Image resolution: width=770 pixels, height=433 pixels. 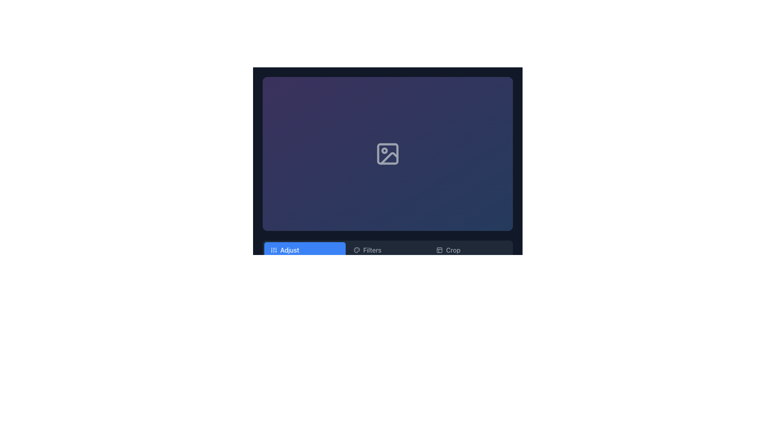 I want to click on the leftmost button in the horizontal row of interactive buttons at the bottom of the interface, so click(x=304, y=250).